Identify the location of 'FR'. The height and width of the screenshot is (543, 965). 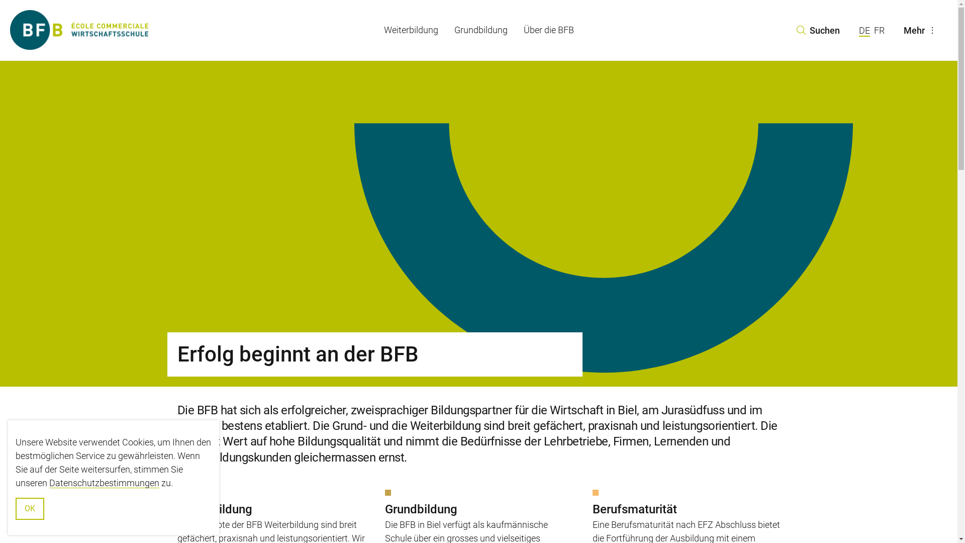
(878, 30).